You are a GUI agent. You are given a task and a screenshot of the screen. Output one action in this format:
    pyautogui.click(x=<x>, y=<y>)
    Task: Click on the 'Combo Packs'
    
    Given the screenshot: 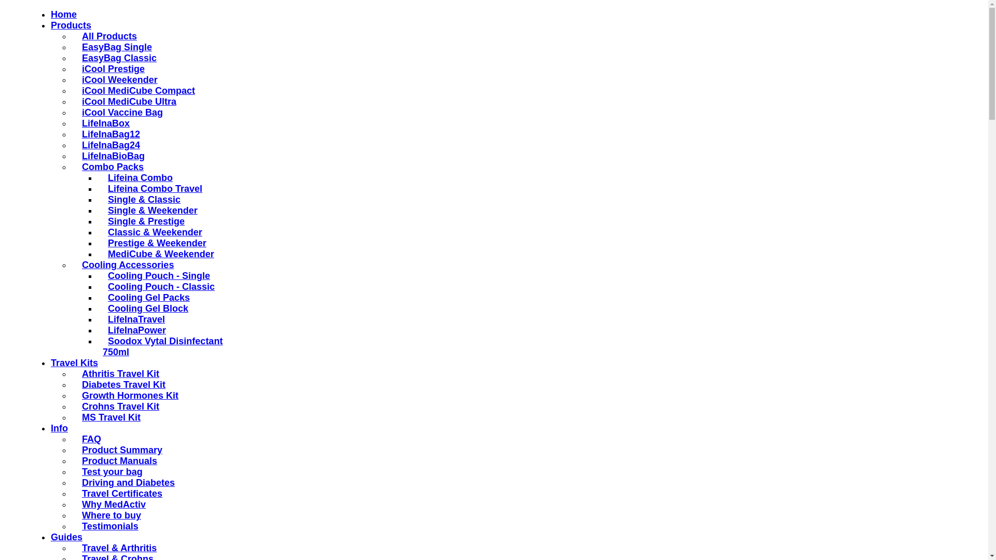 What is the action you would take?
    pyautogui.click(x=110, y=166)
    